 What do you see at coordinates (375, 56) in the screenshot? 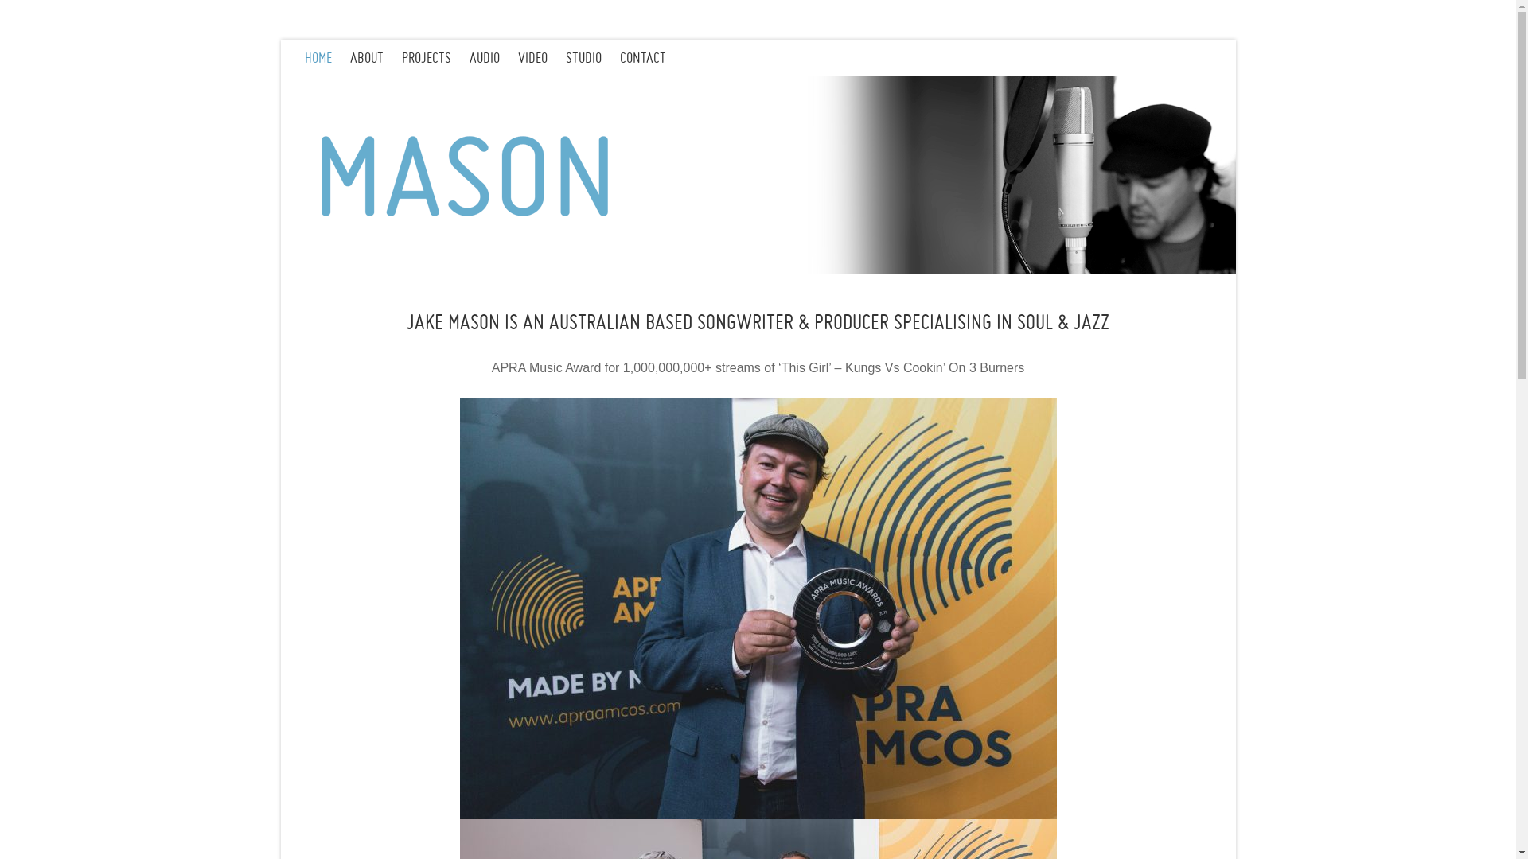
I see `'ABOUT'` at bounding box center [375, 56].